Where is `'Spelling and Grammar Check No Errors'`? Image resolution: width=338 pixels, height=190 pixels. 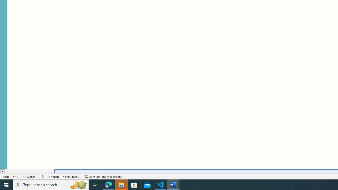 'Spelling and Grammar Check No Errors' is located at coordinates (43, 177).